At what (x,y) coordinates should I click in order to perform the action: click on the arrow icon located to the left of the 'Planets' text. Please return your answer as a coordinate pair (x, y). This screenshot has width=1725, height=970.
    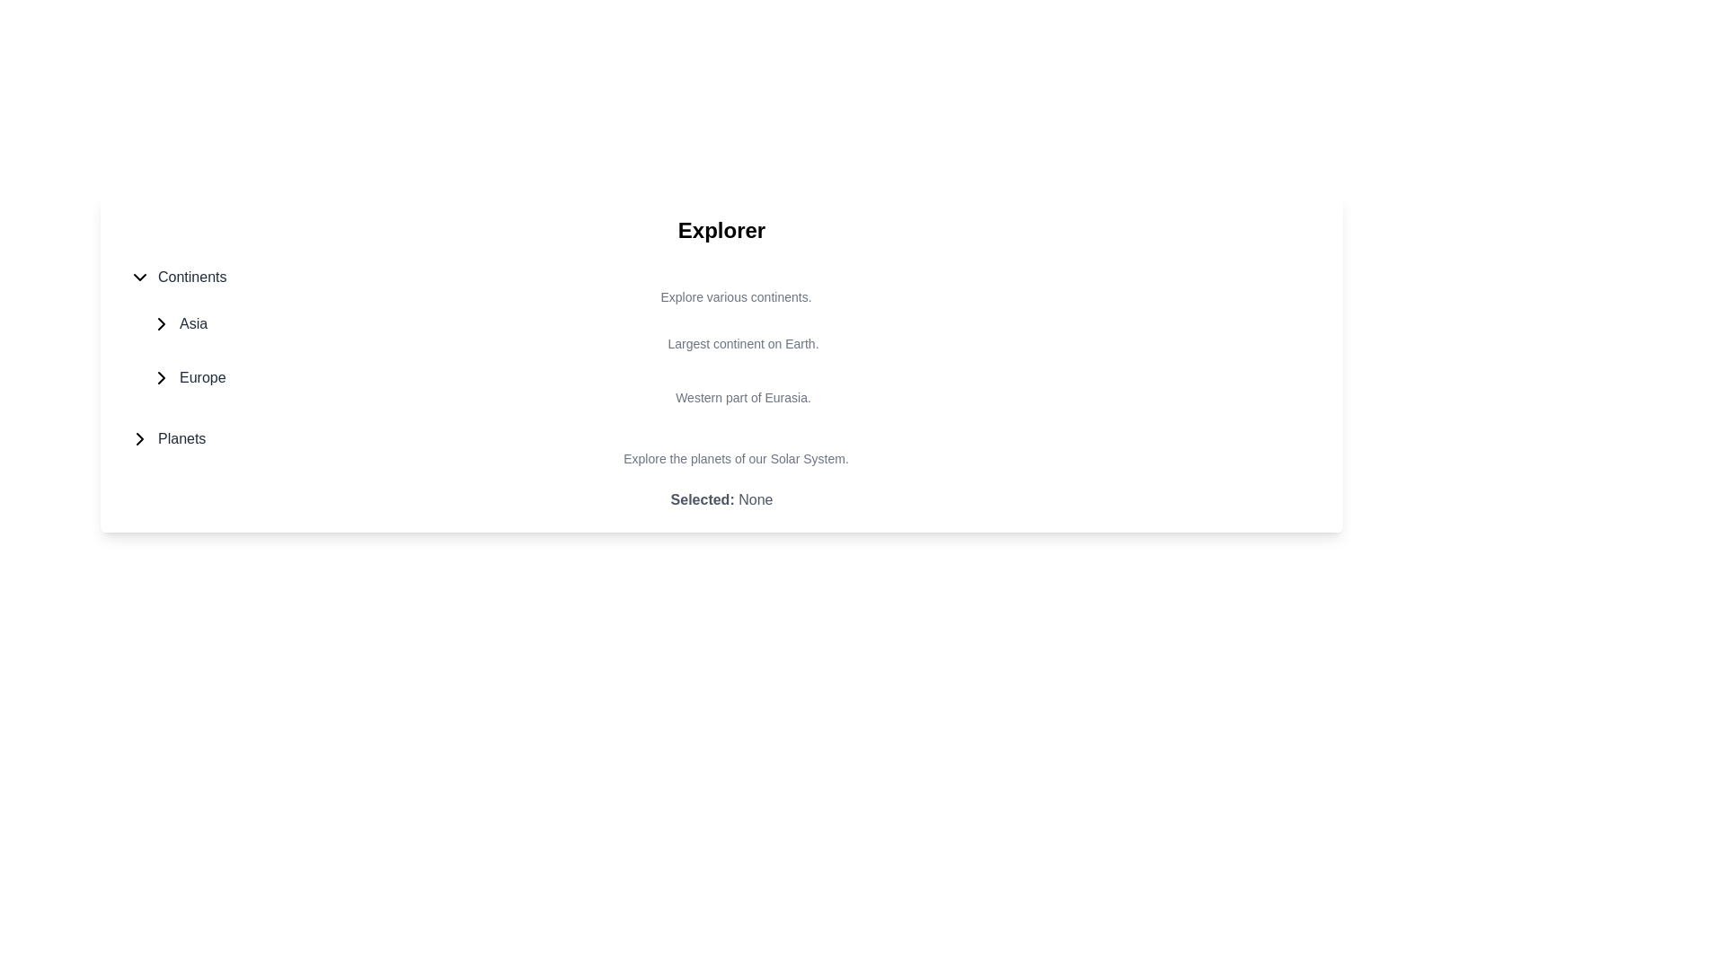
    Looking at the image, I should click on (139, 439).